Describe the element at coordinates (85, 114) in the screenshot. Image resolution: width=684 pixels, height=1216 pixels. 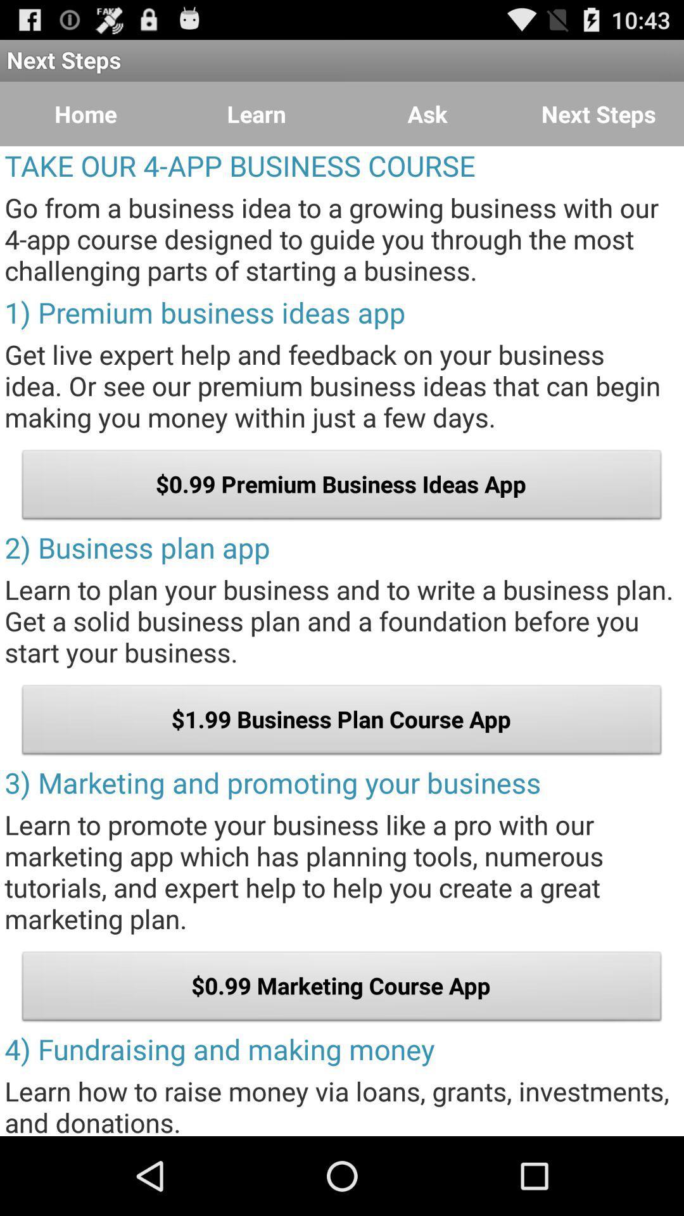
I see `icon above take our 4 app` at that location.